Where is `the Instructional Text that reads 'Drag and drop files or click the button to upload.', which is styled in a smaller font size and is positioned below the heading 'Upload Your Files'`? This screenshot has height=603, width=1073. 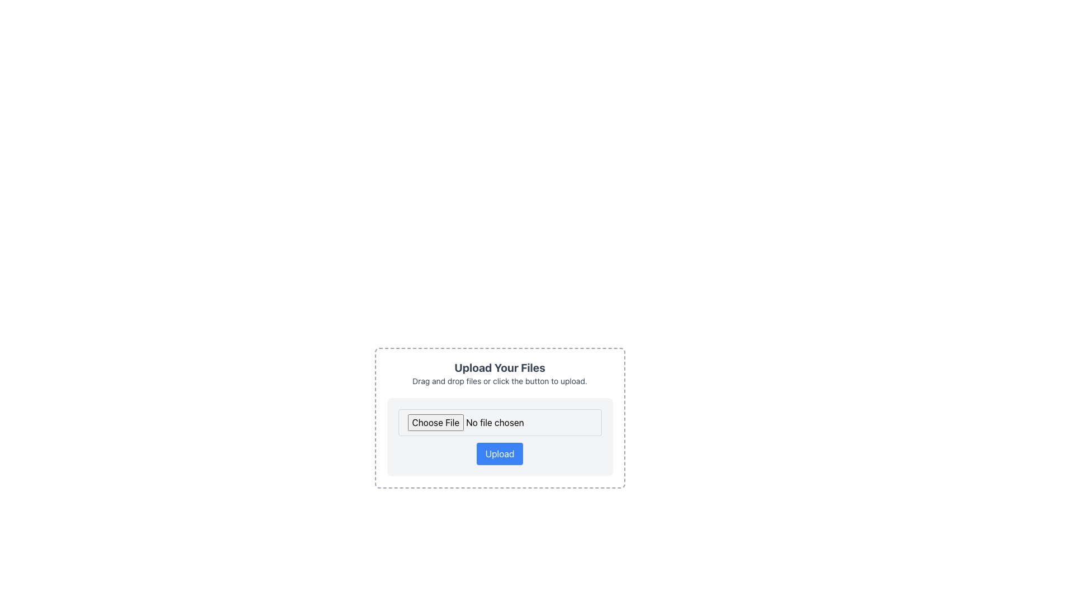
the Instructional Text that reads 'Drag and drop files or click the button to upload.', which is styled in a smaller font size and is positioned below the heading 'Upload Your Files' is located at coordinates (499, 380).